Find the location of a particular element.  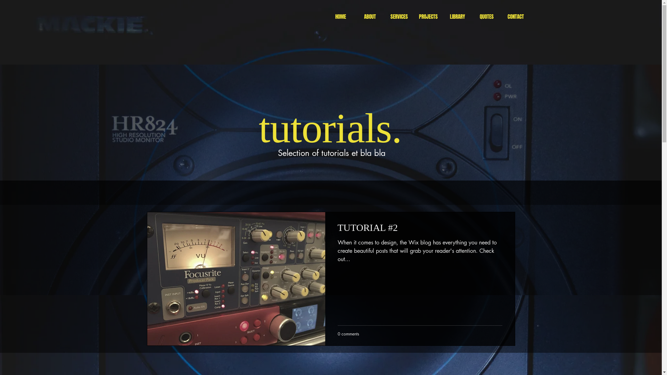

'HOME' is located at coordinates (325, 16).